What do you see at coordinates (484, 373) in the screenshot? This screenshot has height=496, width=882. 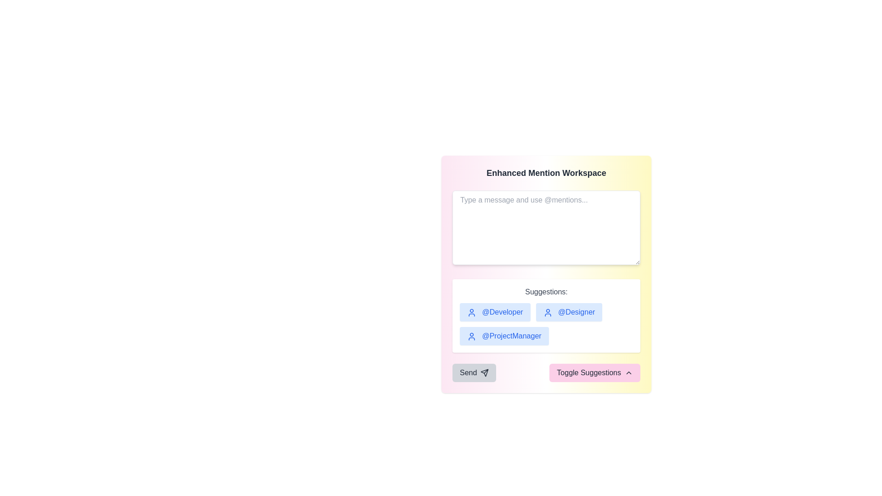 I see `the paper plane icon inside the 'Send' button located at the bottom-left corner of the user interface panel` at bounding box center [484, 373].